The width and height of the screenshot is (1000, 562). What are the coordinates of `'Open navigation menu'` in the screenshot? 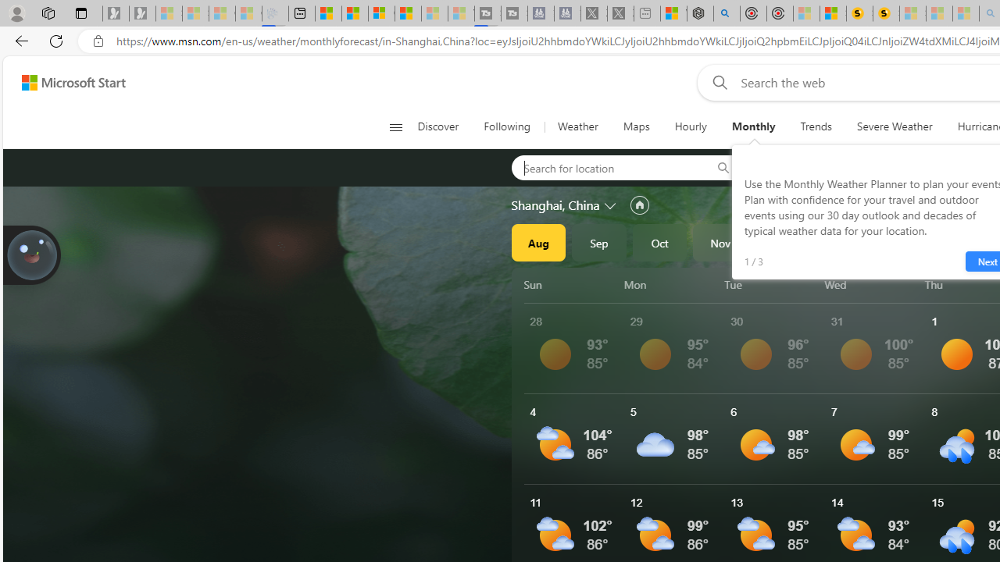 It's located at (395, 126).